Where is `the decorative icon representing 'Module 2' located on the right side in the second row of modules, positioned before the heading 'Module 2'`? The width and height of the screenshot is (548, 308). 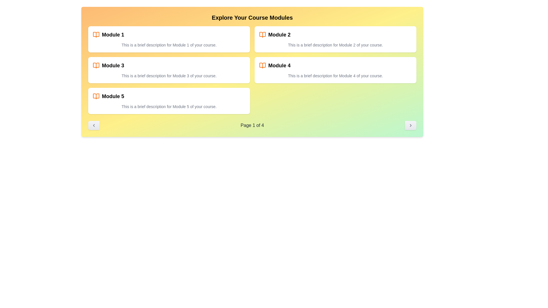 the decorative icon representing 'Module 2' located on the right side in the second row of modules, positioned before the heading 'Module 2' is located at coordinates (262, 35).